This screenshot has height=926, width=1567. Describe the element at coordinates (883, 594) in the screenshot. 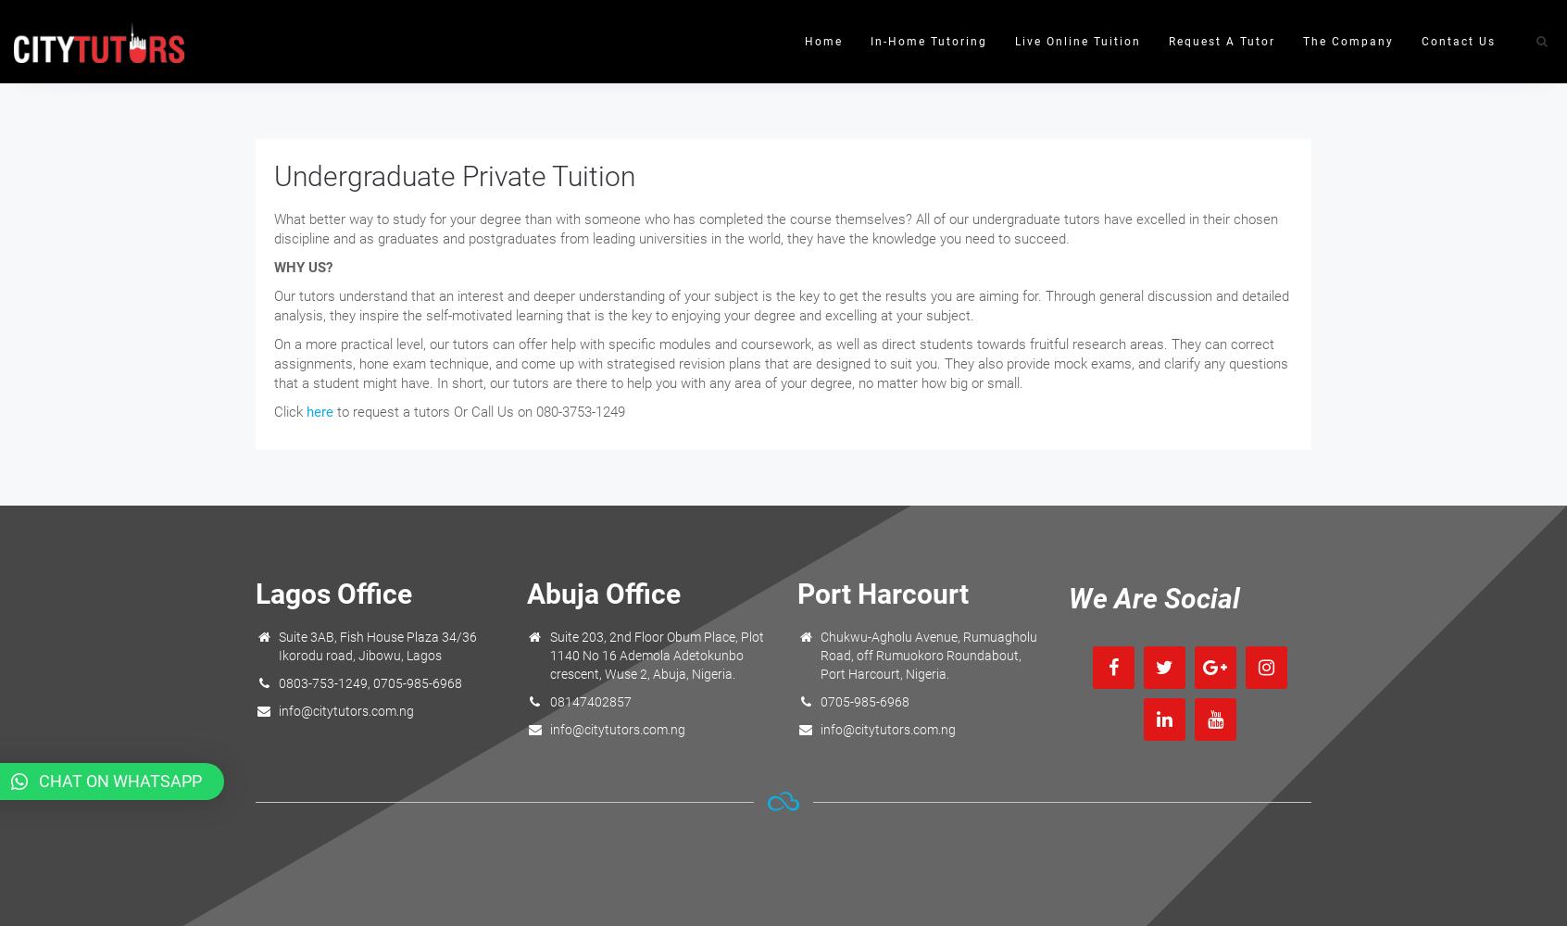

I see `'Port Harcourt'` at that location.